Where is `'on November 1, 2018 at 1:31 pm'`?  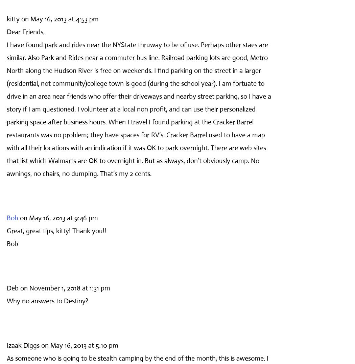 'on November 1, 2018 at 1:31 pm' is located at coordinates (20, 288).